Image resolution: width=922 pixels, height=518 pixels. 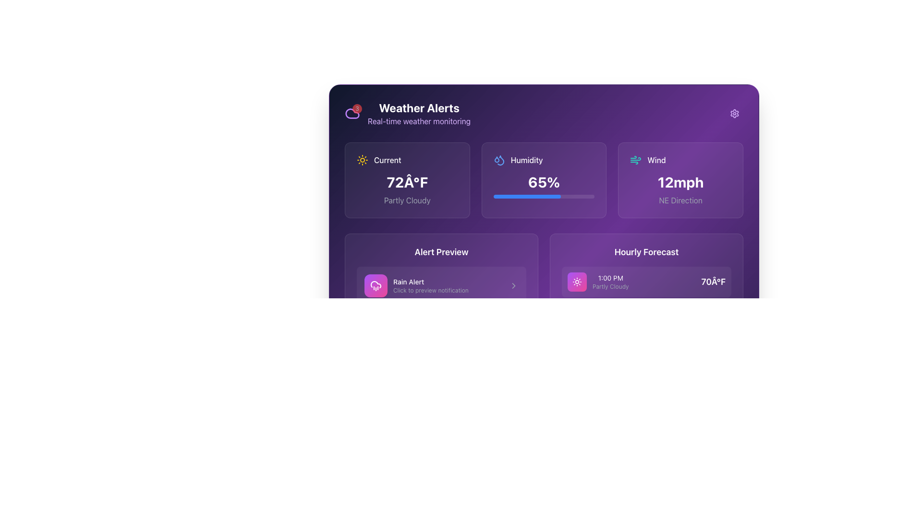 What do you see at coordinates (646, 329) in the screenshot?
I see `the Information display panel that shows hourly weather forecast information, located in the bottom-right section of the interface` at bounding box center [646, 329].